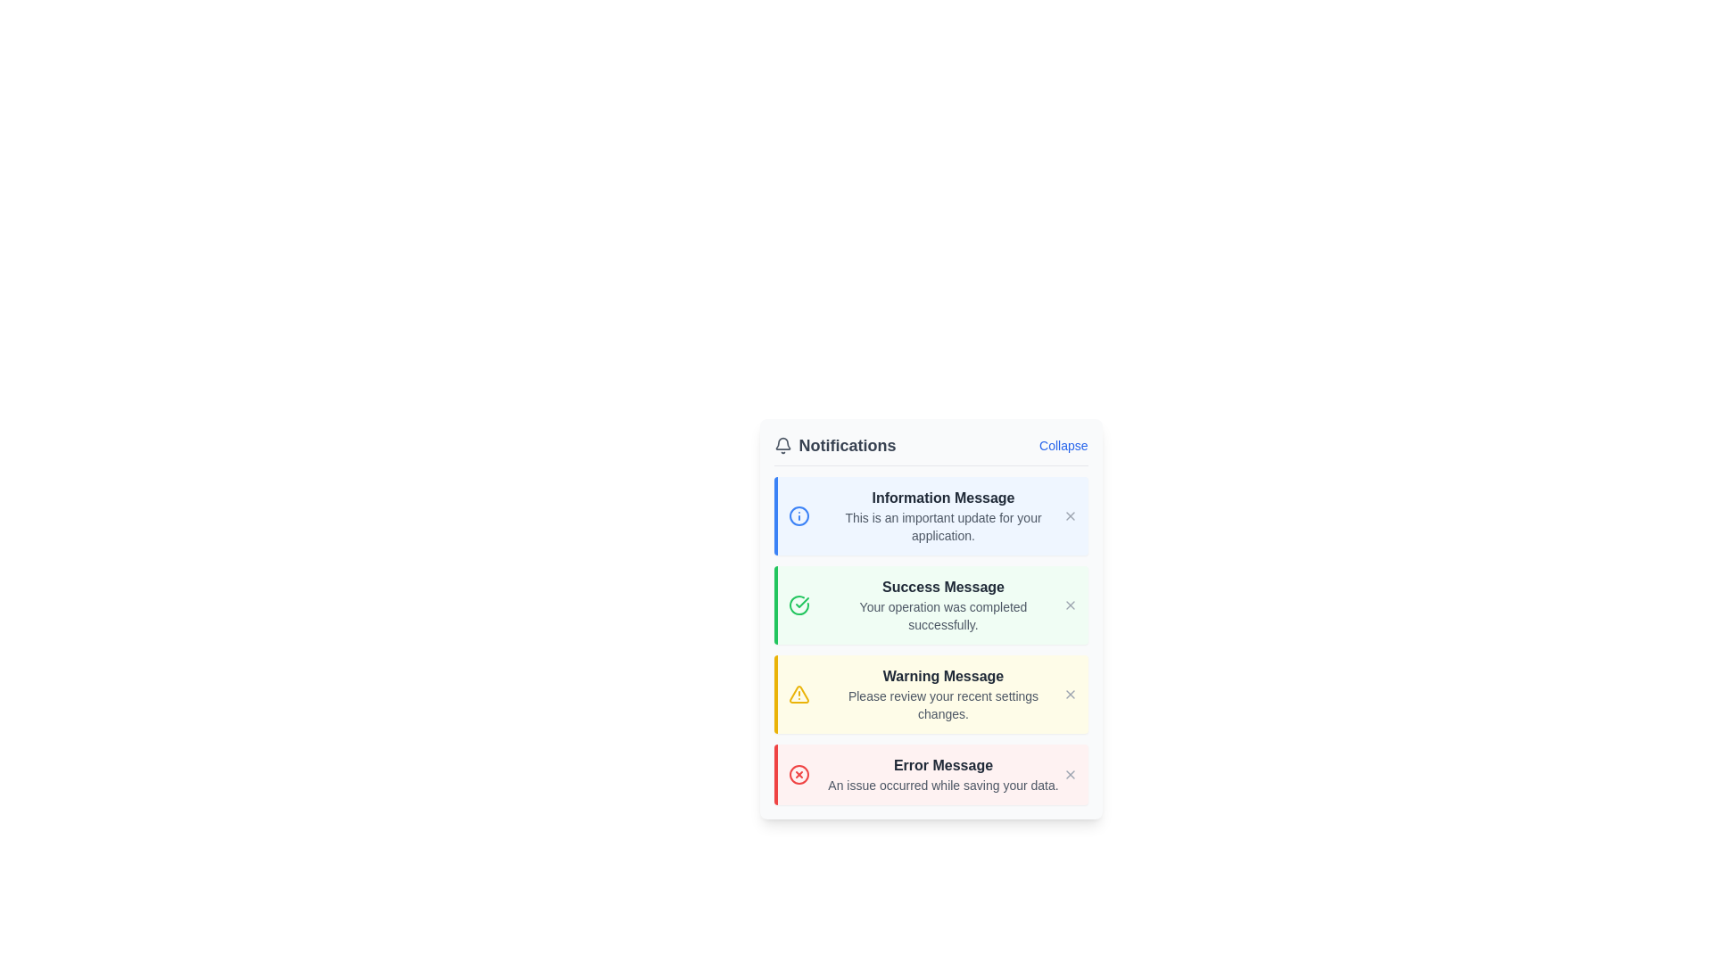 This screenshot has width=1713, height=963. What do you see at coordinates (1063, 445) in the screenshot?
I see `the text-based button or link located at the top-right corner of the header section to underline it` at bounding box center [1063, 445].